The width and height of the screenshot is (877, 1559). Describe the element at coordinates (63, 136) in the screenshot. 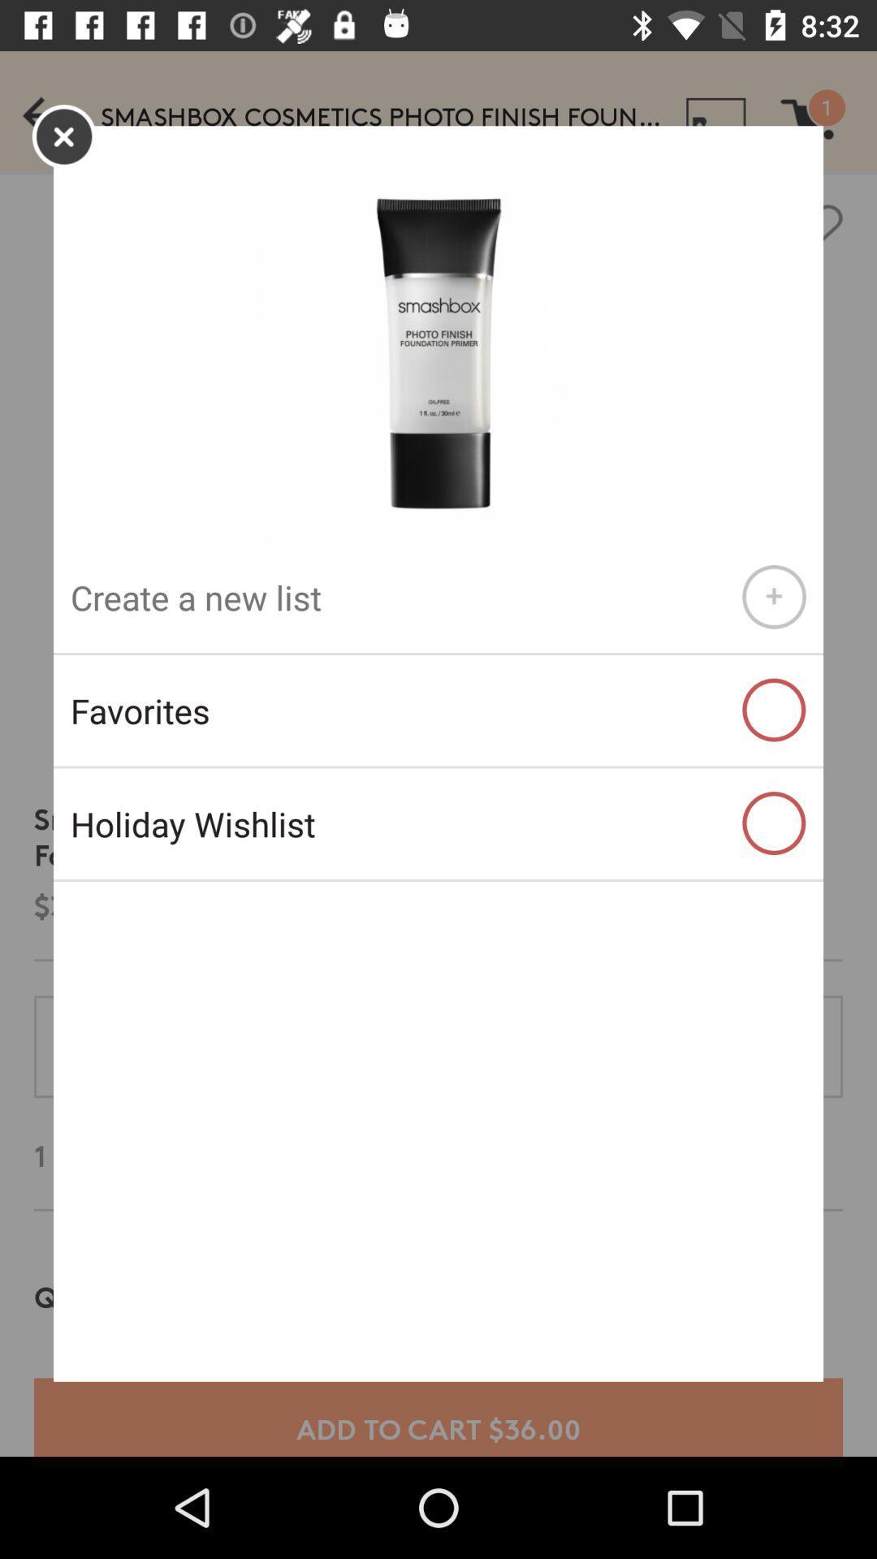

I see `the cross symbol` at that location.